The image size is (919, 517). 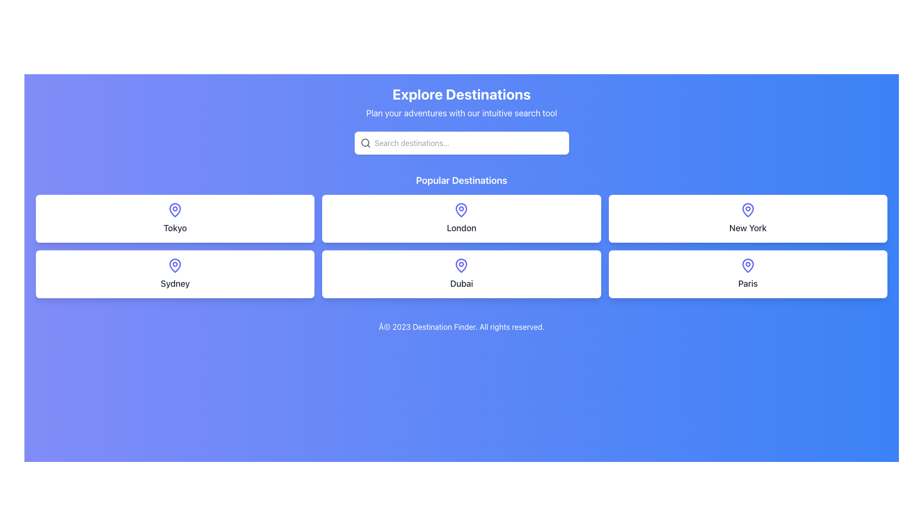 What do you see at coordinates (747, 266) in the screenshot?
I see `the second map pin icon from the right in the bottom row of the grid, which serves as a visual marker for the location 'Paris'` at bounding box center [747, 266].